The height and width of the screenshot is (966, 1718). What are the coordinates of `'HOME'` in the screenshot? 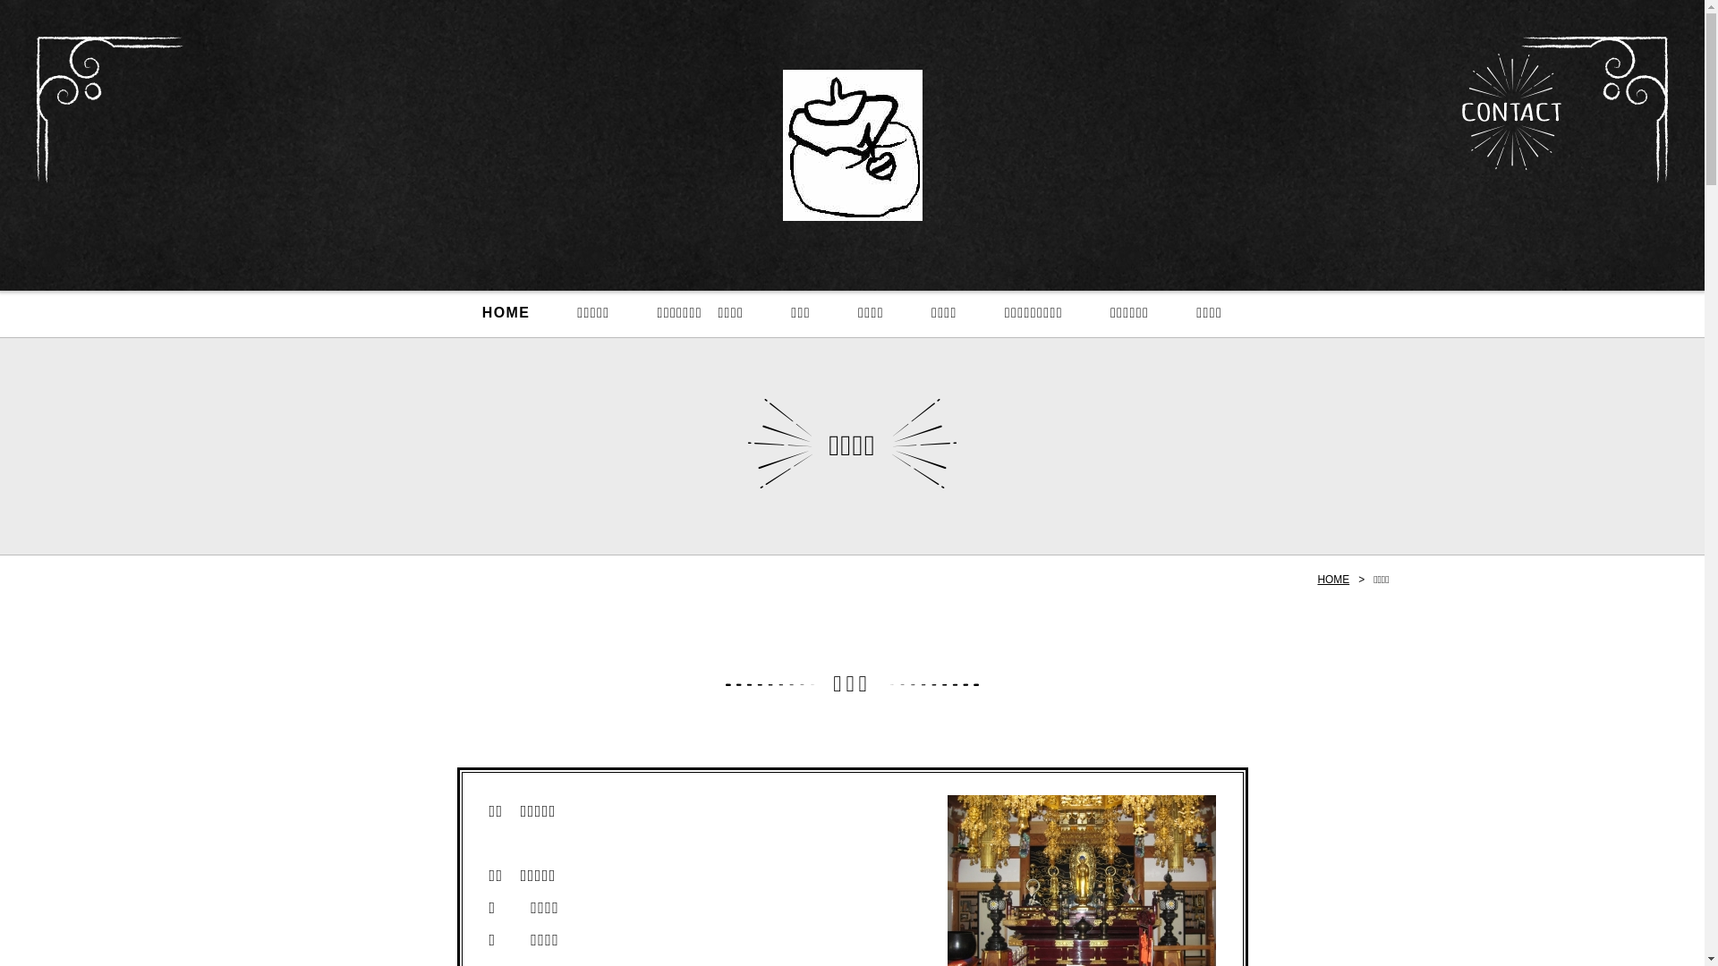 It's located at (1317, 580).